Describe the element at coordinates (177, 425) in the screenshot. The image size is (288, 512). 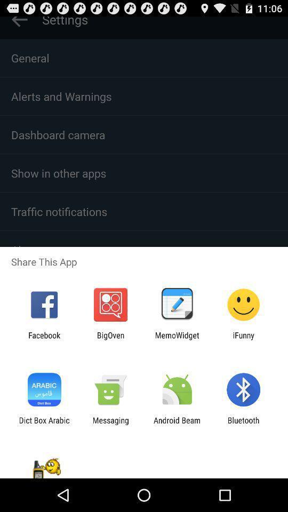
I see `item next to bluetooth icon` at that location.